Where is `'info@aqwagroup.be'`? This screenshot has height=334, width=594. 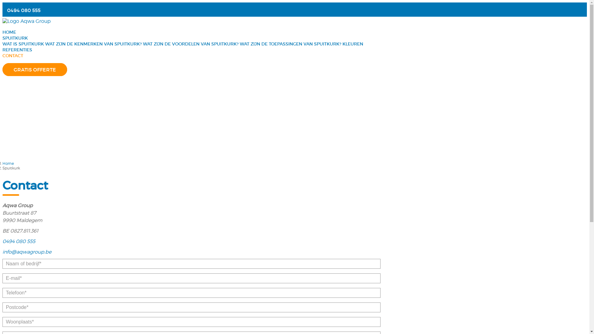 'info@aqwagroup.be' is located at coordinates (26, 252).